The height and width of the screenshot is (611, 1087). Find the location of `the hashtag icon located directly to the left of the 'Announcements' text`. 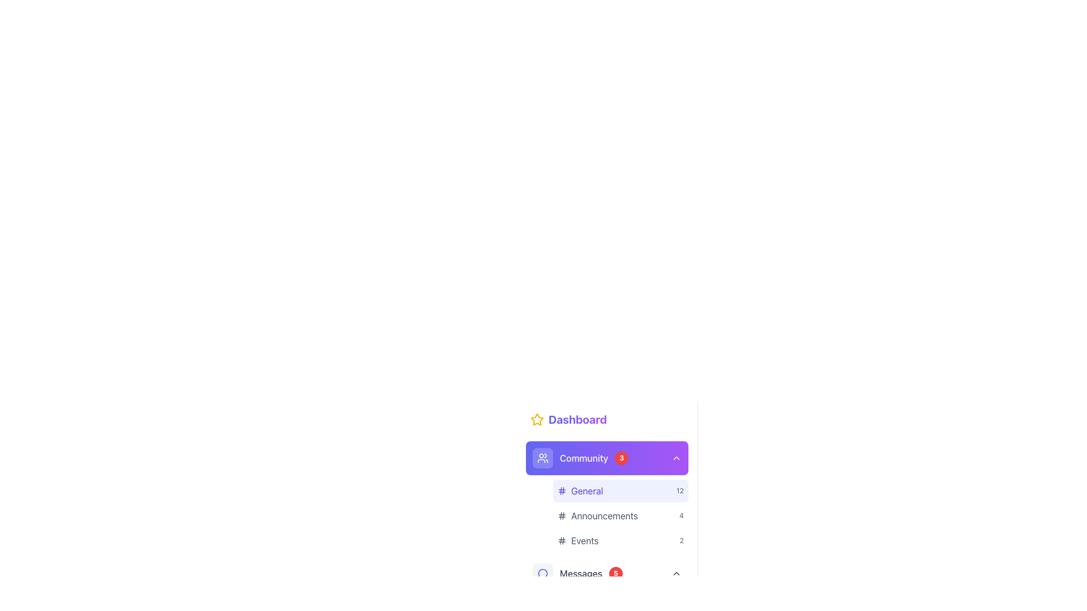

the hashtag icon located directly to the left of the 'Announcements' text is located at coordinates (562, 515).